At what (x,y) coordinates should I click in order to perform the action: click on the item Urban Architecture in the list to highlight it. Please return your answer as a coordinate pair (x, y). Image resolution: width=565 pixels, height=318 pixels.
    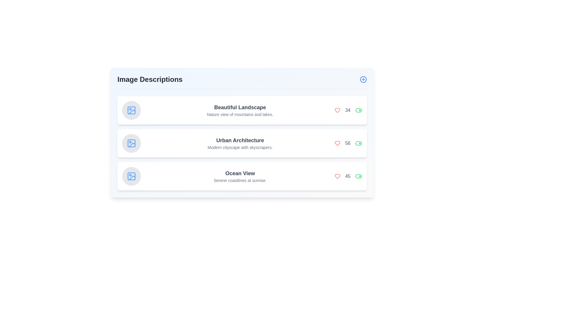
    Looking at the image, I should click on (242, 143).